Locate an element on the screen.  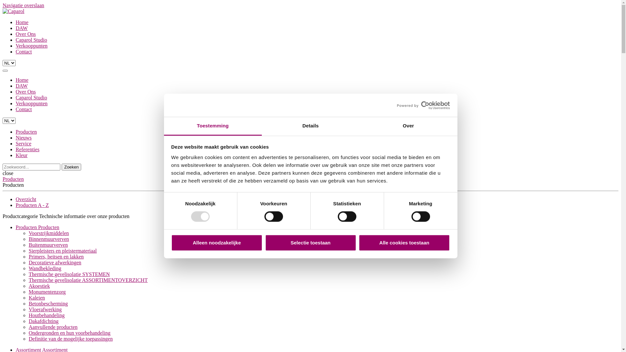
'Verkooppunten' is located at coordinates (31, 103).